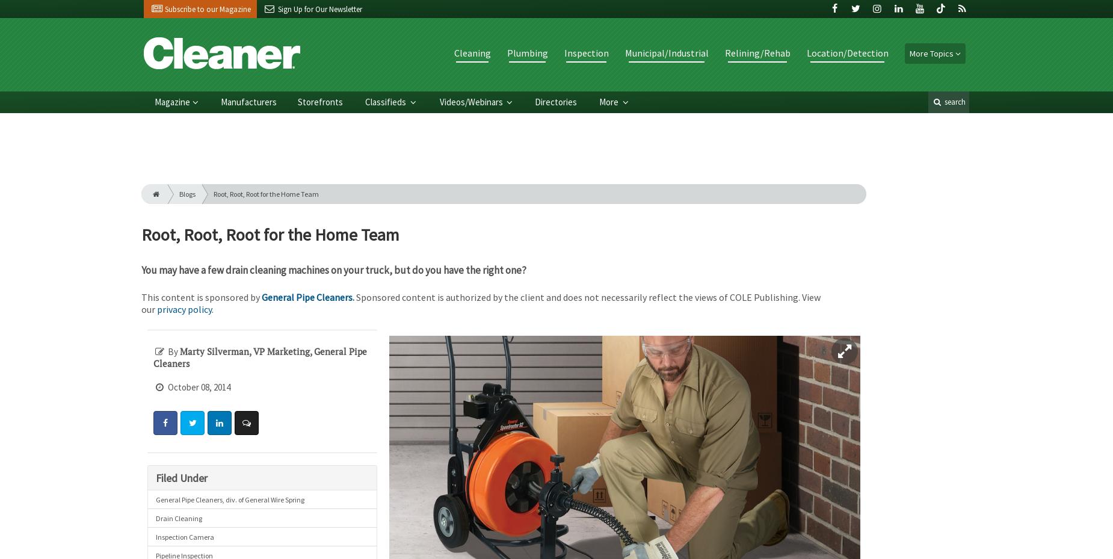  What do you see at coordinates (172, 351) in the screenshot?
I see `'By'` at bounding box center [172, 351].